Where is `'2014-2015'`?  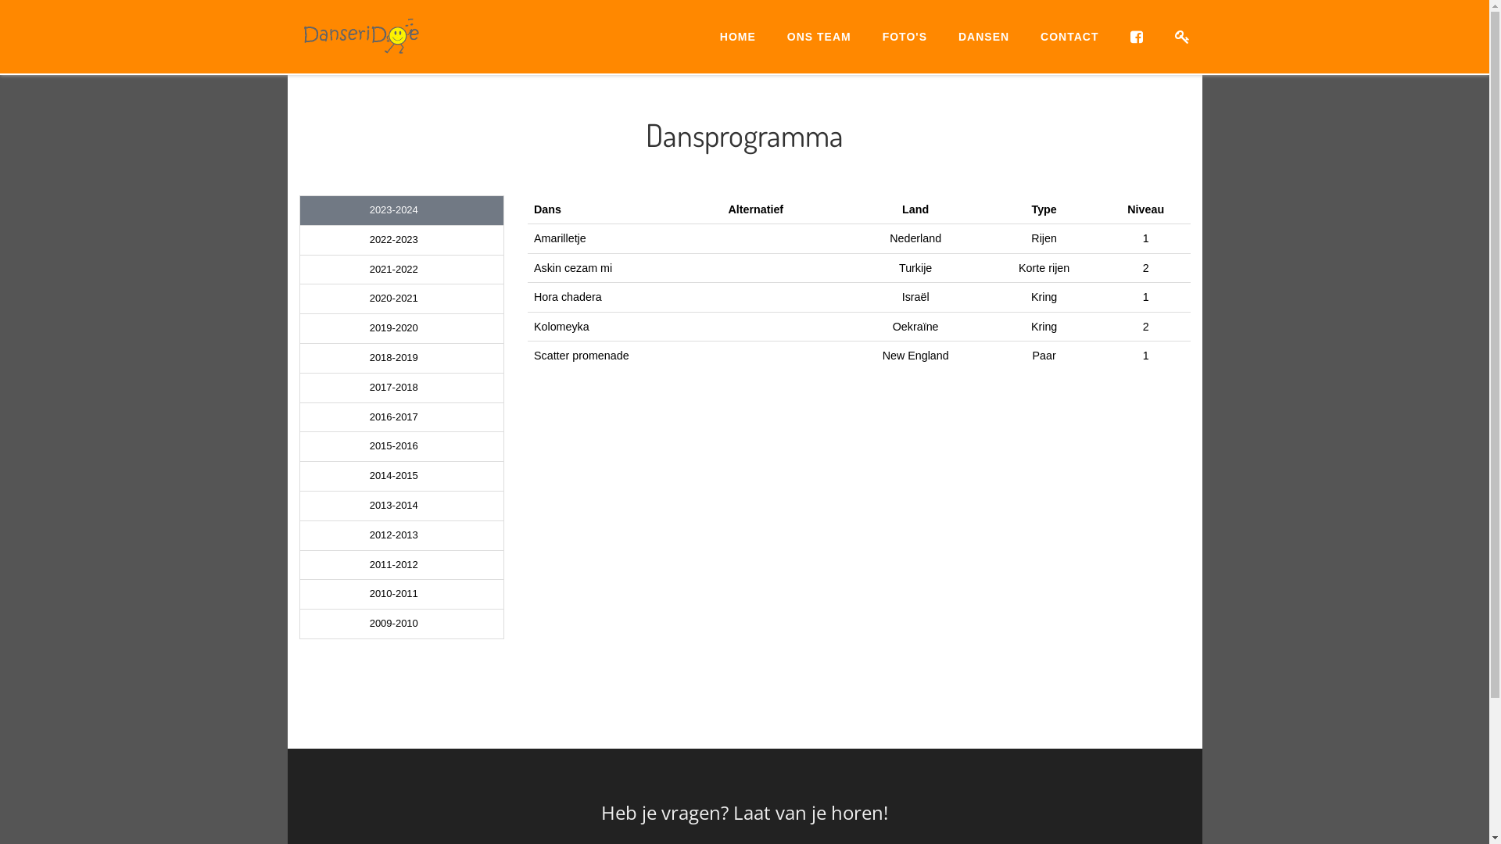 '2014-2015' is located at coordinates (402, 475).